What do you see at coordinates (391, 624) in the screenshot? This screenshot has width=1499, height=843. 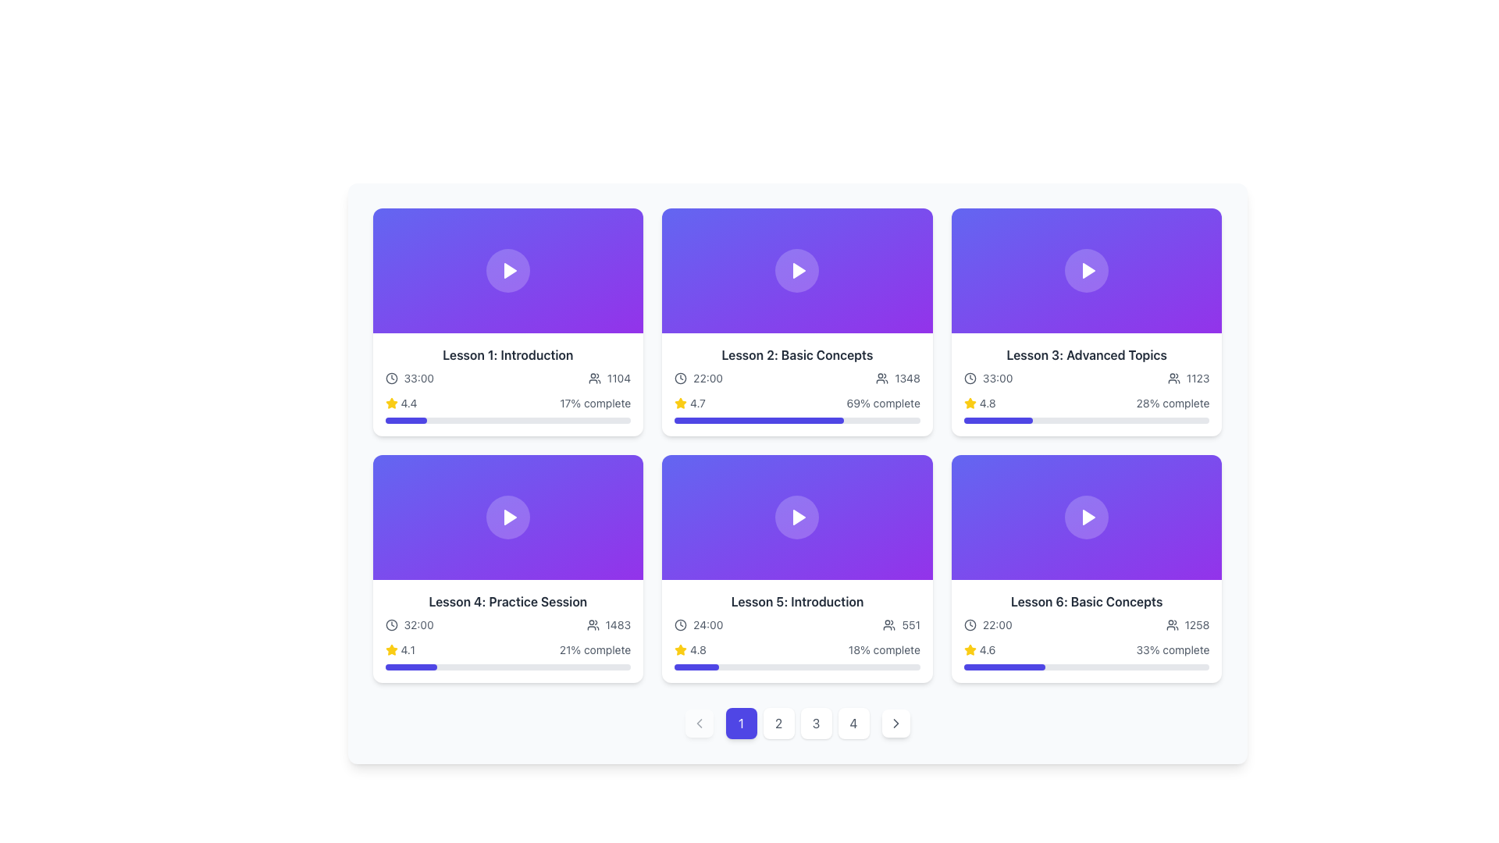 I see `the clock icon located in the lower-left card of a grid layout, which is the leftmost component of the group containing the text '32:00'` at bounding box center [391, 624].